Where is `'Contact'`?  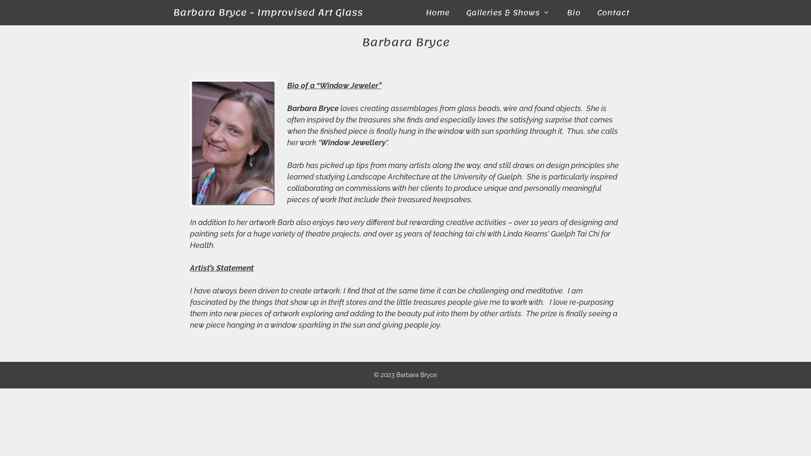 'Contact' is located at coordinates (613, 13).